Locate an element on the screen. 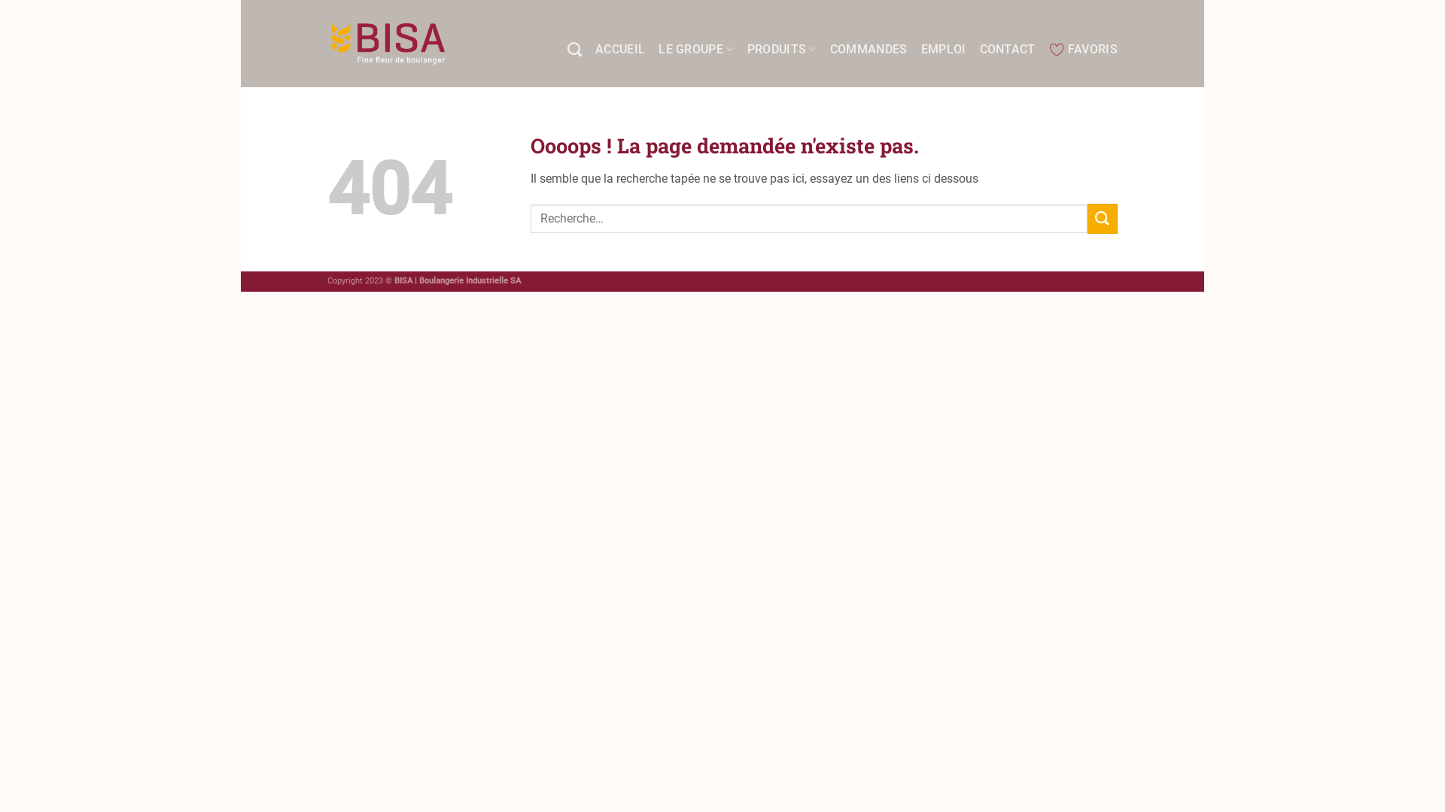 The height and width of the screenshot is (812, 1445). 'BISA | Boulangerie Industrielle SA - Fine fleur de boulanger' is located at coordinates (388, 42).